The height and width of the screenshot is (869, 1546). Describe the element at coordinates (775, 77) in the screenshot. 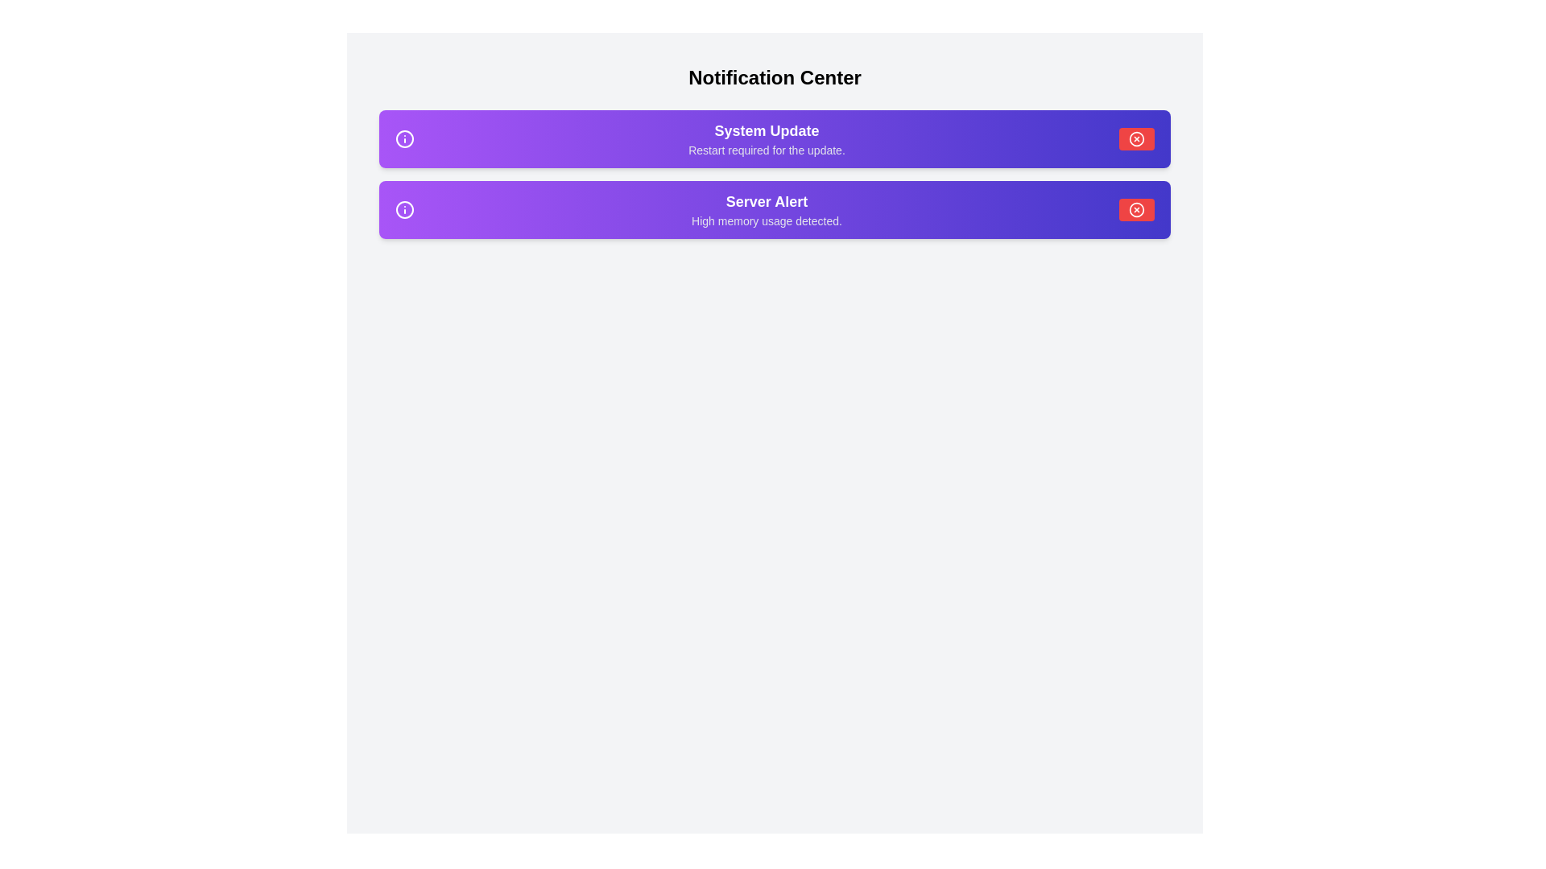

I see `the header text 'Notification Center' to inspect it` at that location.